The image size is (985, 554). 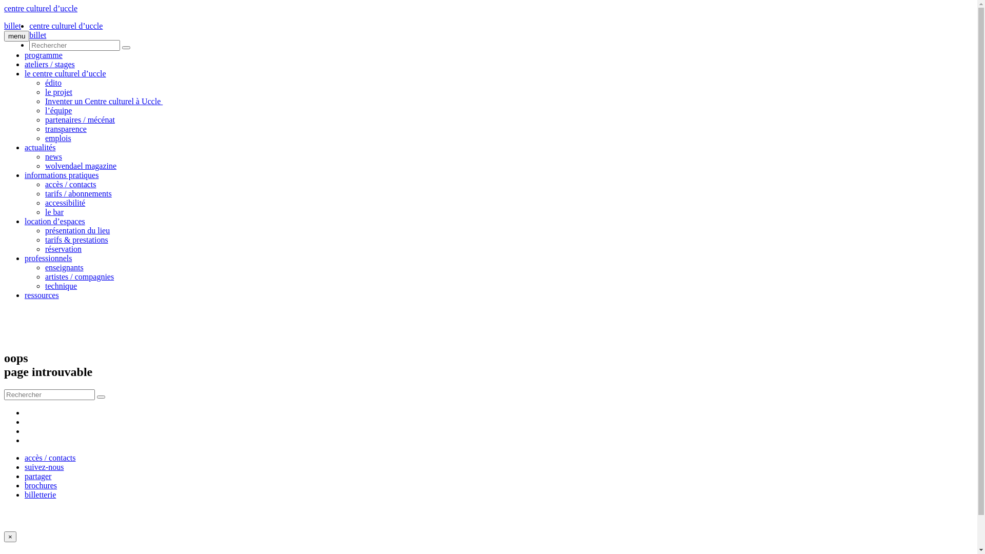 What do you see at coordinates (29, 34) in the screenshot?
I see `'billet'` at bounding box center [29, 34].